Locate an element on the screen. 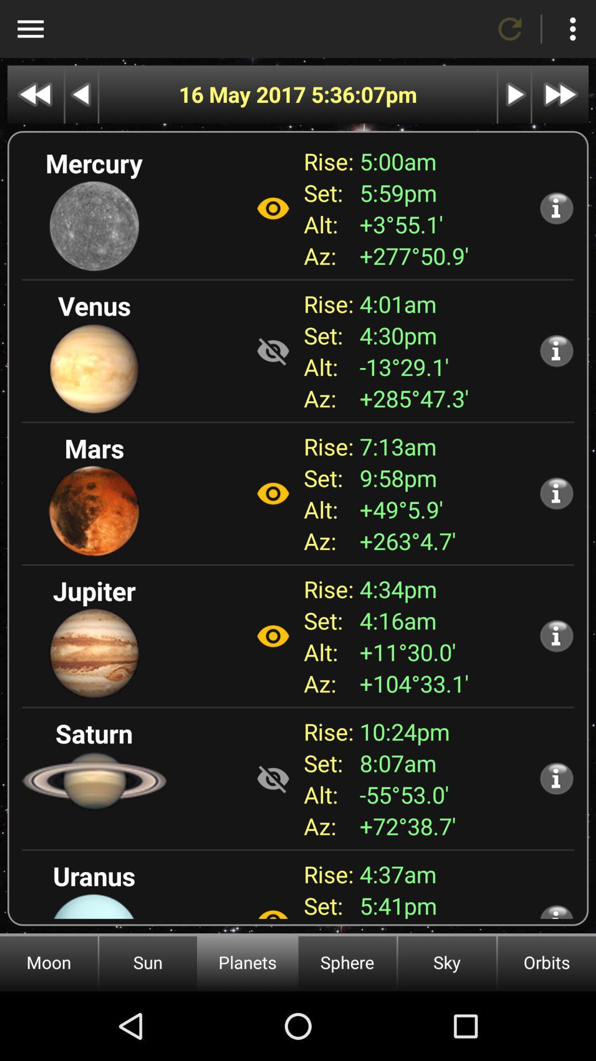 The image size is (596, 1061). the arrow_backward icon is located at coordinates (81, 94).